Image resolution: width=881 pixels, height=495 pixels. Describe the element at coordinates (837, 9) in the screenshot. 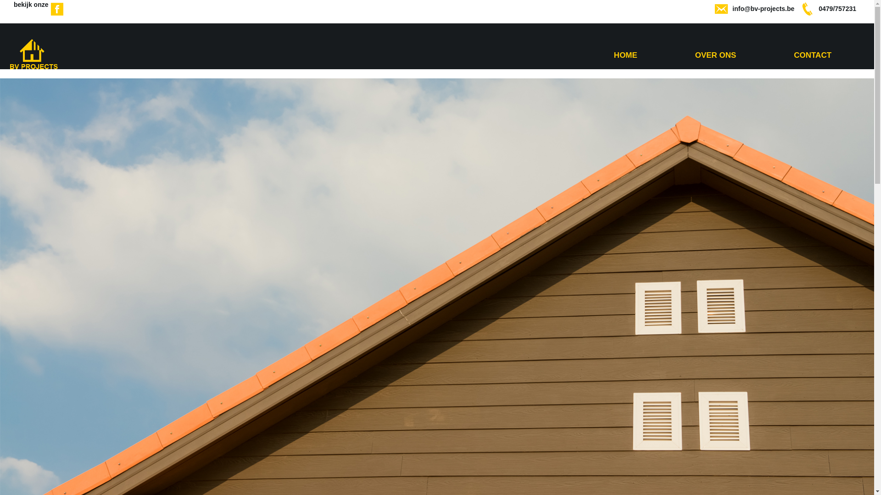

I see `'0479/757231'` at that location.